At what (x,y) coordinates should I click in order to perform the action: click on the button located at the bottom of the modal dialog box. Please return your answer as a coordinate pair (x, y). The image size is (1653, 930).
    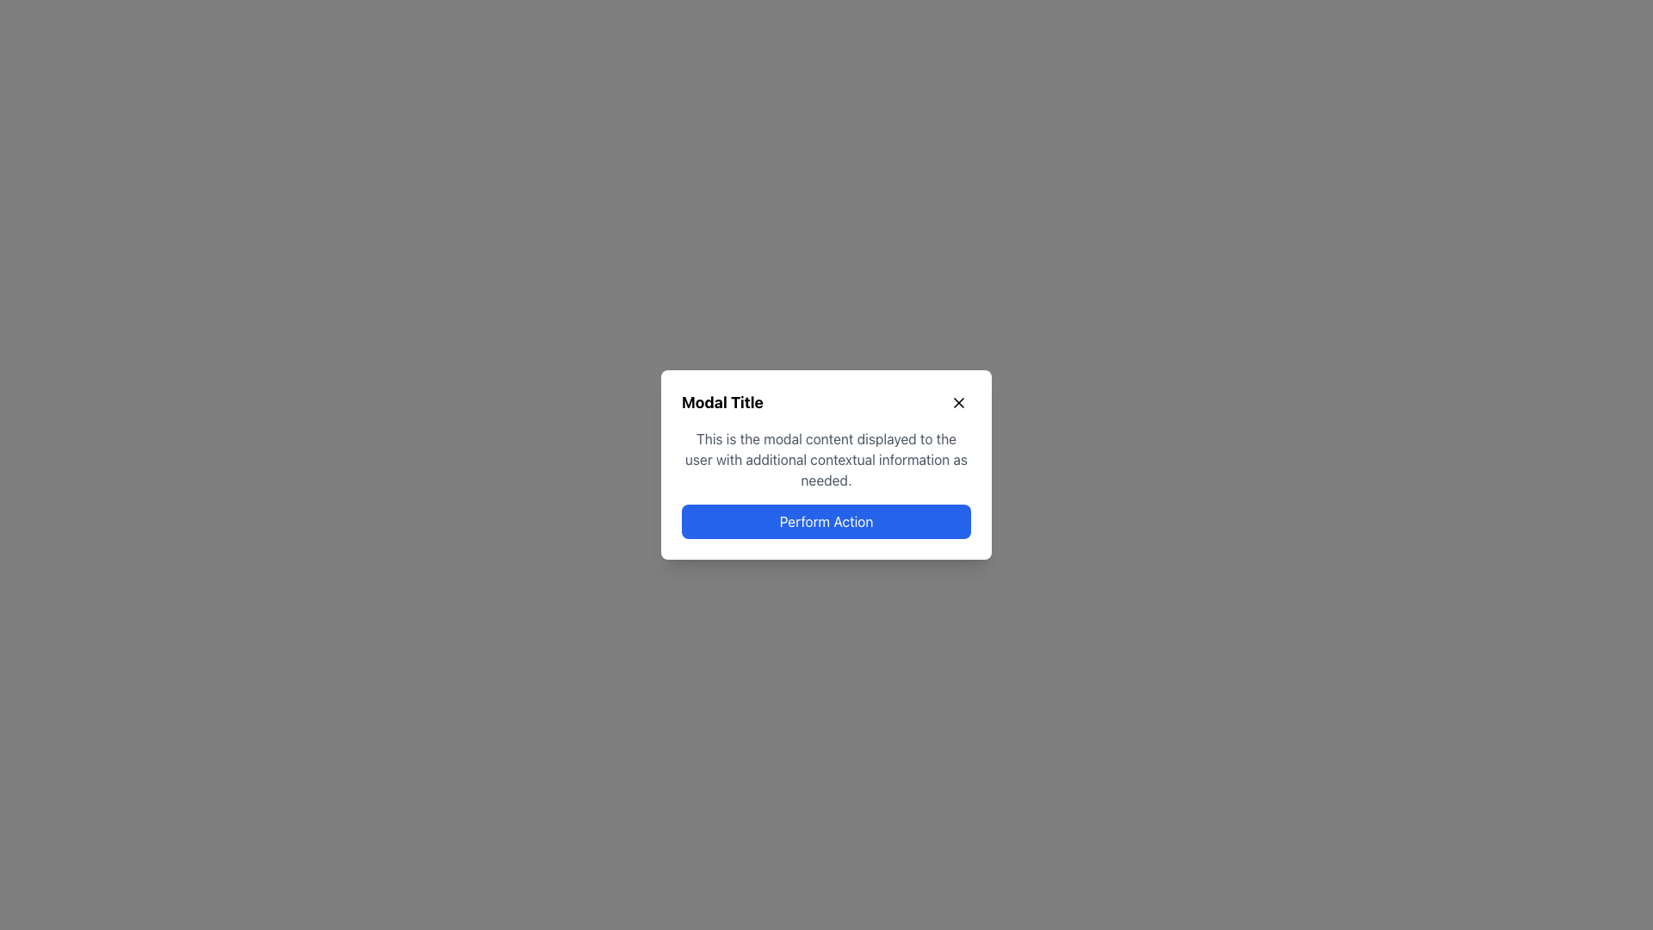
    Looking at the image, I should click on (826, 520).